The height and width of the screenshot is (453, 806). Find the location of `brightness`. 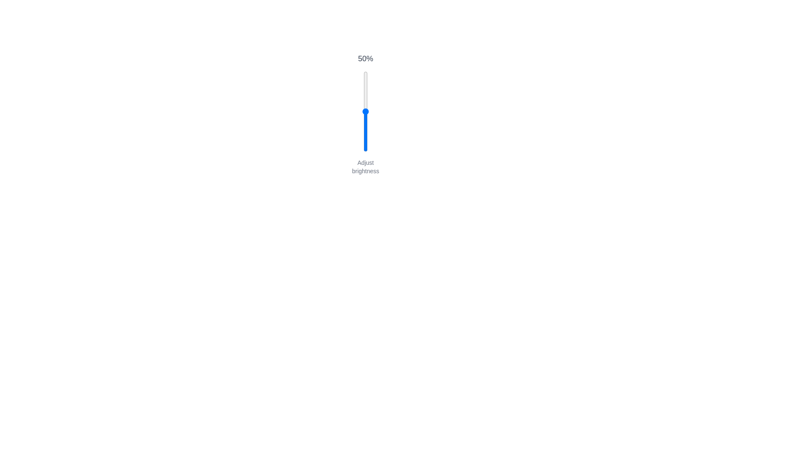

brightness is located at coordinates (365, 116).